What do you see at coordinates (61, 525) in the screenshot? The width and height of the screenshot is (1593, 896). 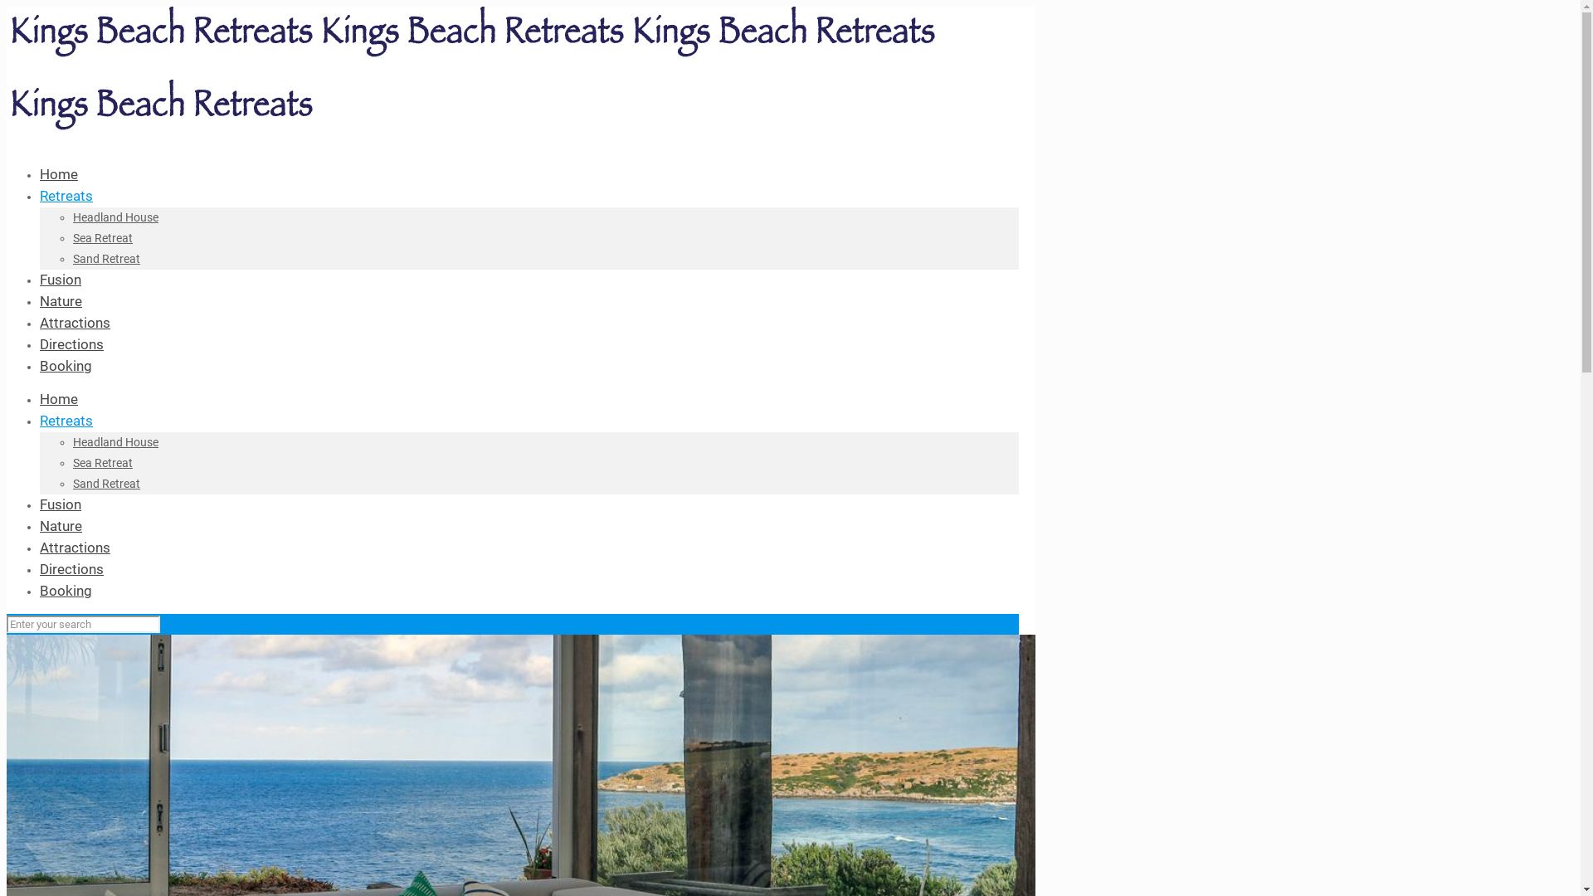 I see `'Nature'` at bounding box center [61, 525].